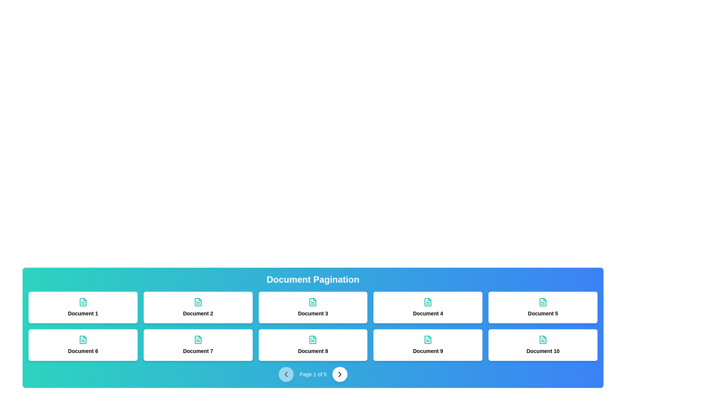 The height and width of the screenshot is (406, 722). What do you see at coordinates (285, 374) in the screenshot?
I see `the left-facing chevron icon inside the circular button at the bottom-left of the pagination section` at bounding box center [285, 374].